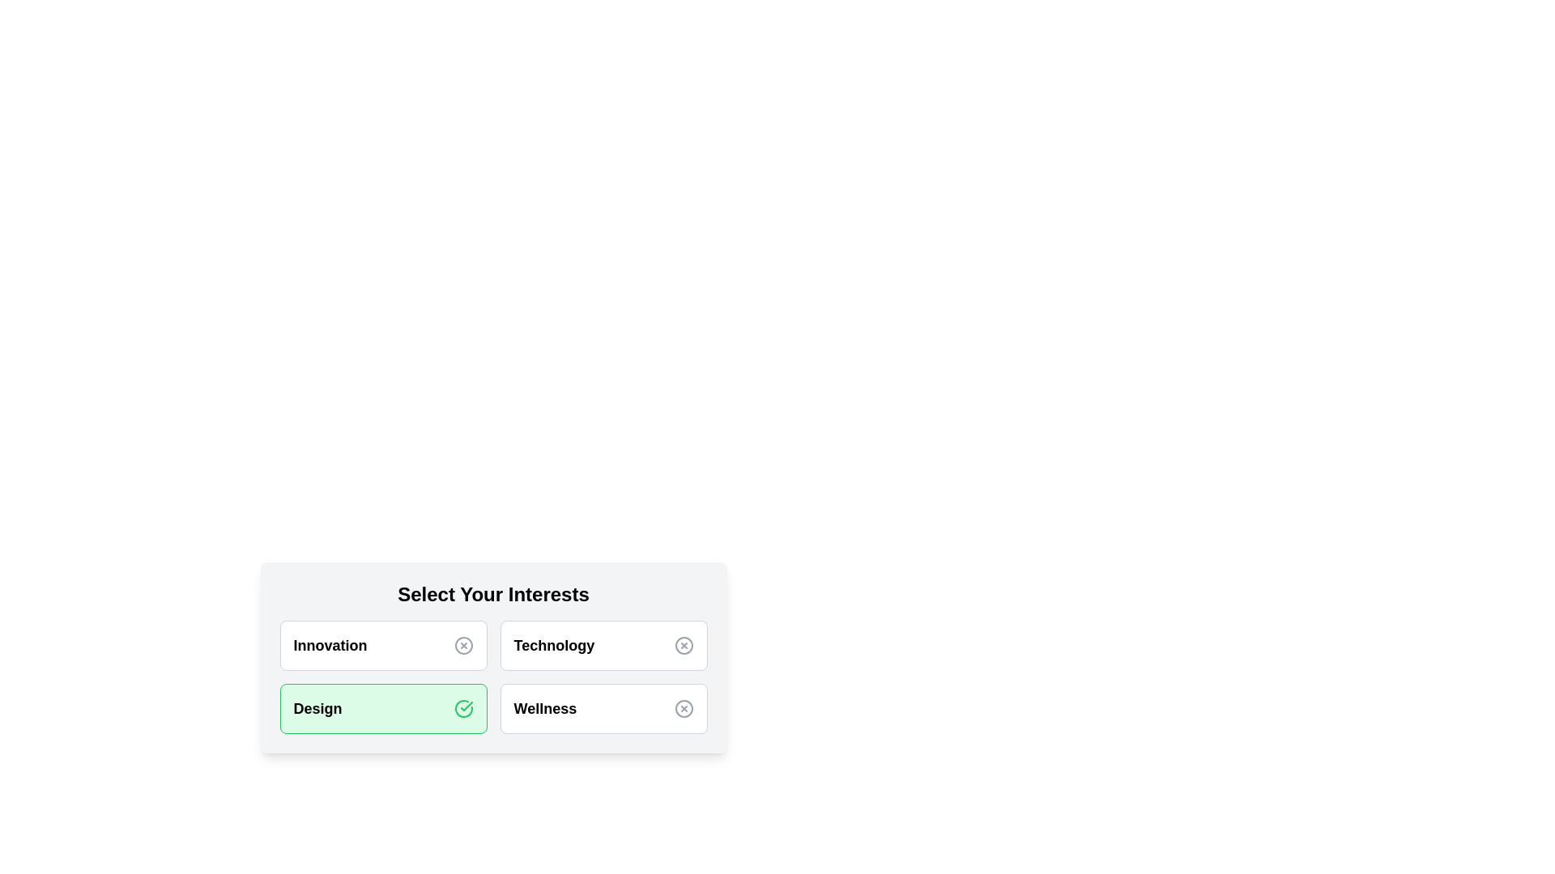 This screenshot has height=874, width=1555. Describe the element at coordinates (382, 645) in the screenshot. I see `the category Innovation to see its hover effect` at that location.